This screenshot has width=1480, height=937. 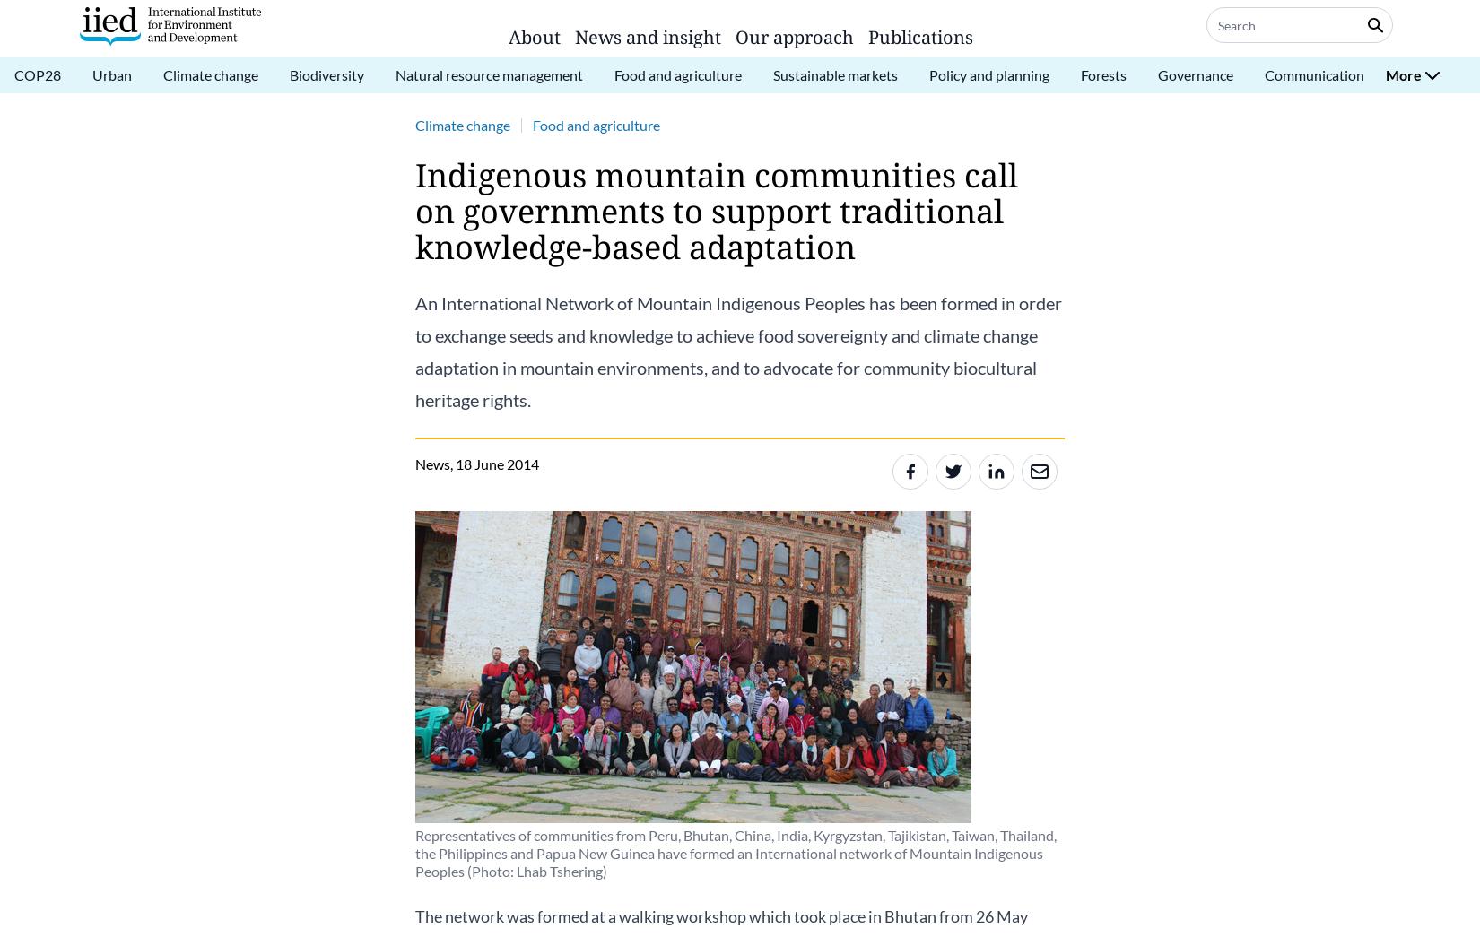 I want to click on 'Policy and planning', so click(x=989, y=74).